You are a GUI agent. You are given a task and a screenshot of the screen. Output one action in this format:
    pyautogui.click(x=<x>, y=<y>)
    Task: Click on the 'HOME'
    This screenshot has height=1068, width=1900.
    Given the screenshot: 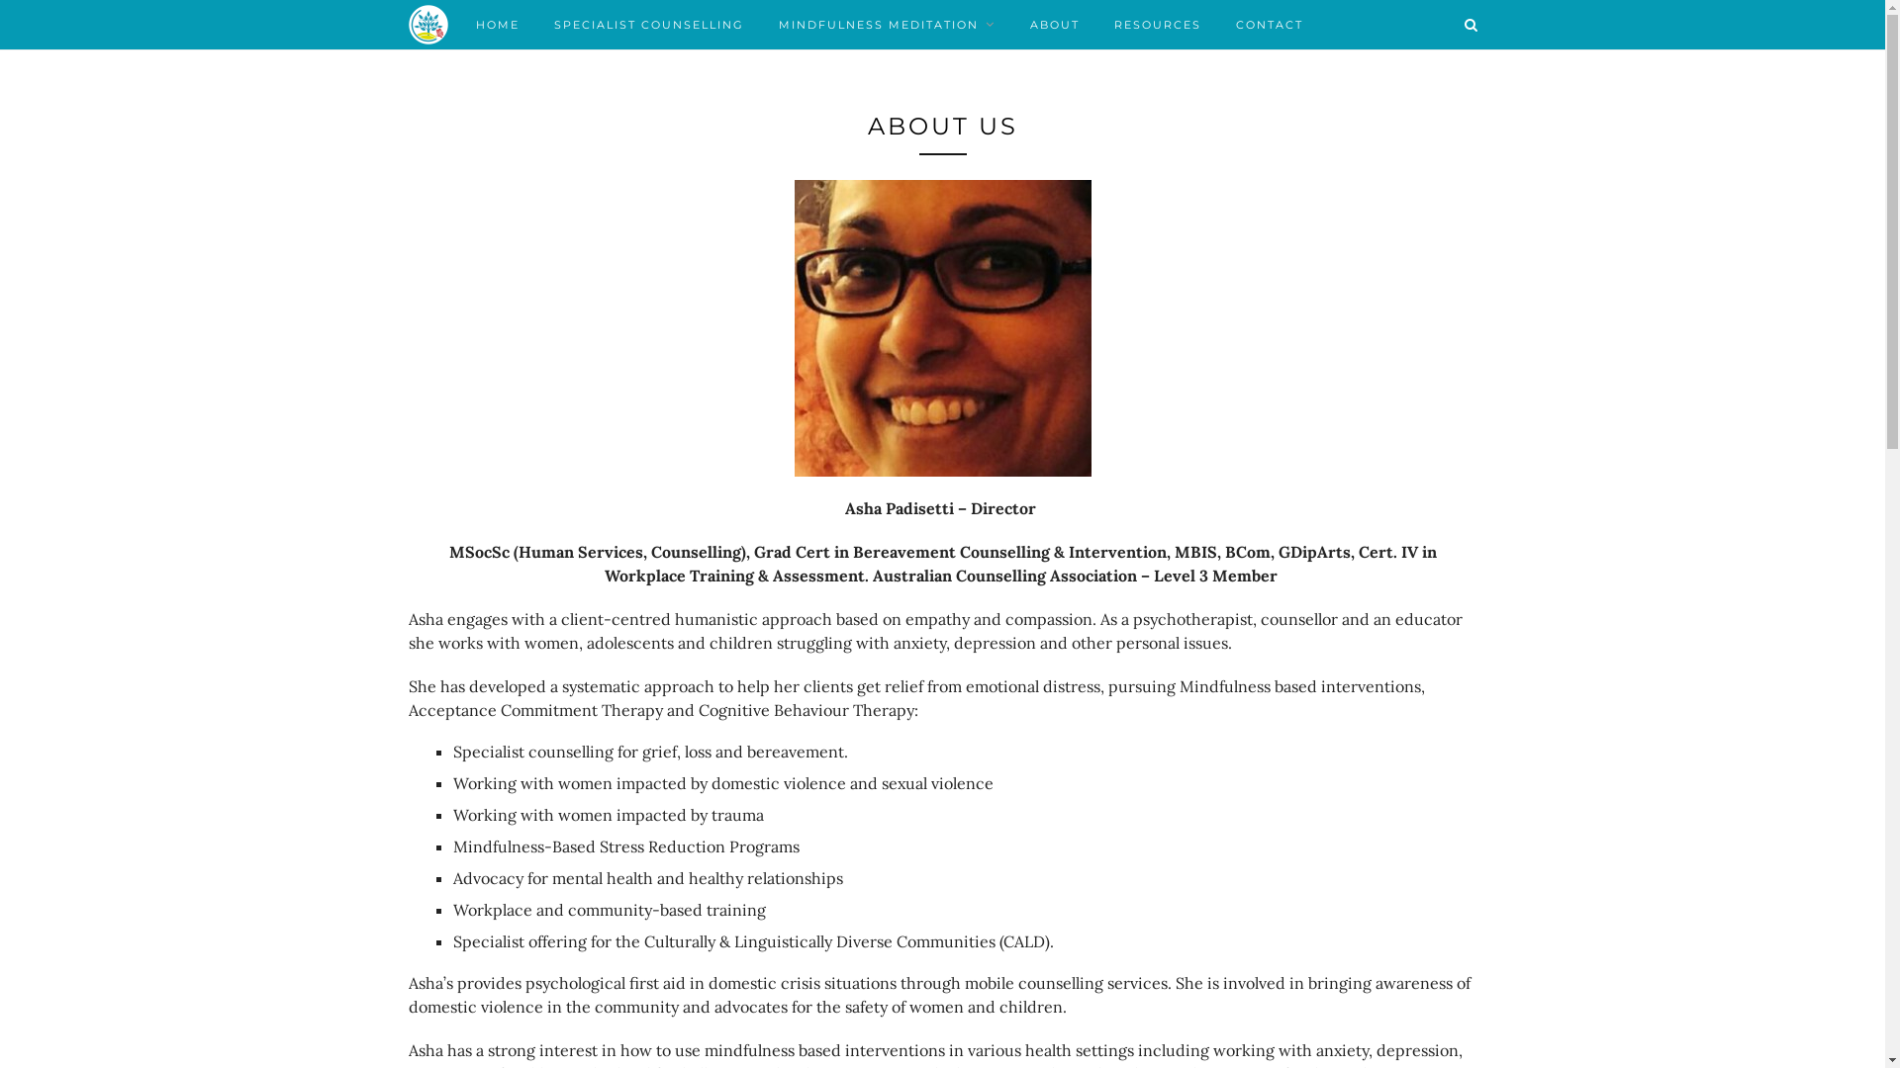 What is the action you would take?
    pyautogui.click(x=497, y=24)
    